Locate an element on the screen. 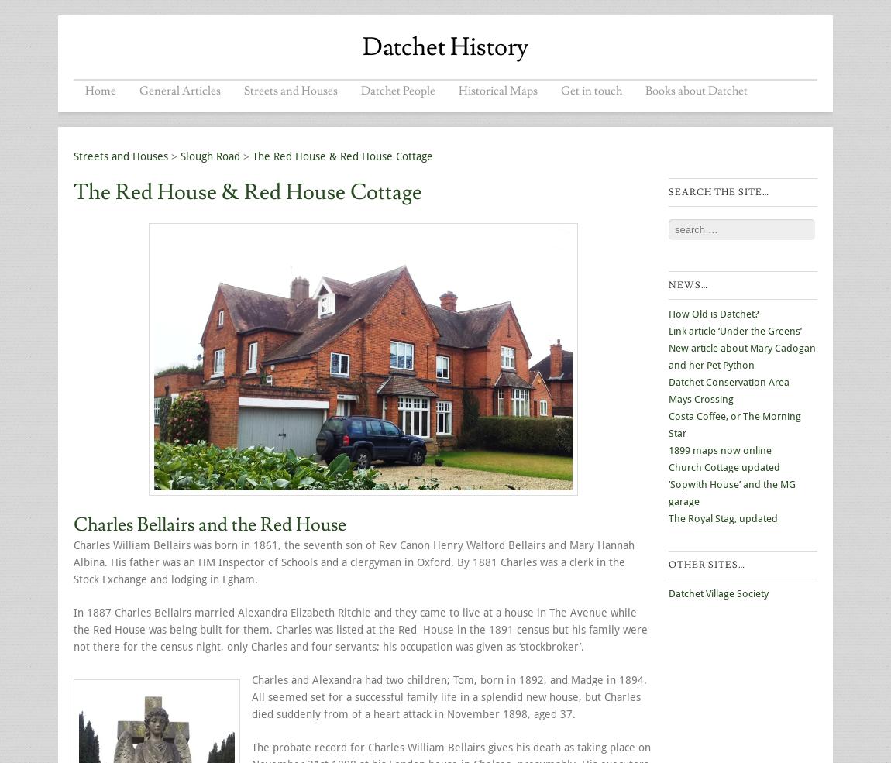 Image resolution: width=891 pixels, height=763 pixels. 'Menu' is located at coordinates (101, 94).